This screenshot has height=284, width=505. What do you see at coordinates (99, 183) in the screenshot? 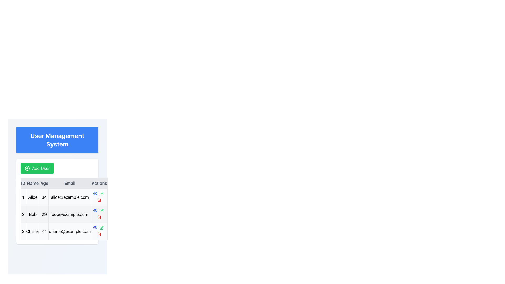
I see `the table header located in the top-right corner of the table, specifically the fifth header cell which spans the same vertical space as the others` at bounding box center [99, 183].